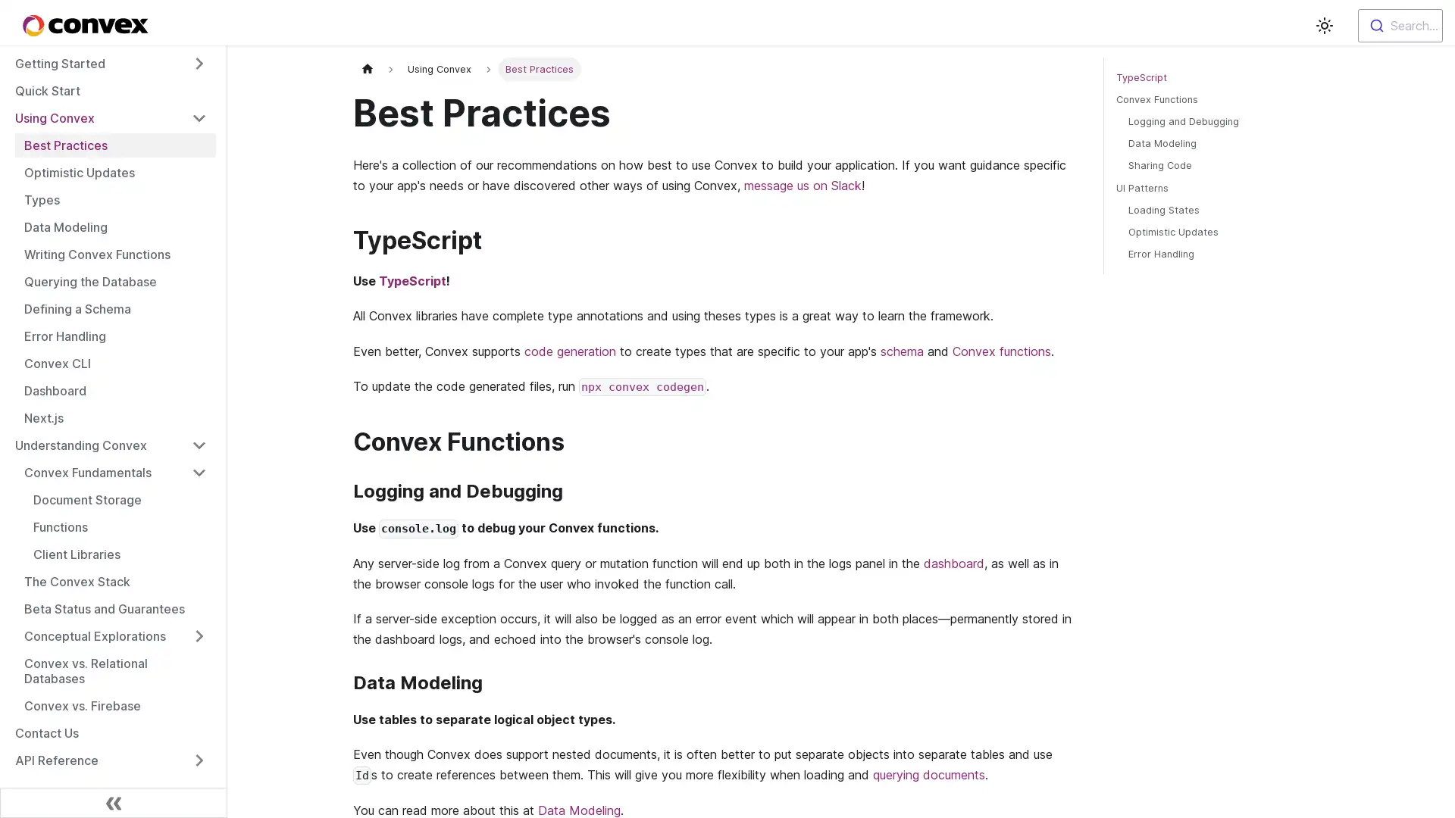  Describe the element at coordinates (1400, 26) in the screenshot. I see `Search...` at that location.